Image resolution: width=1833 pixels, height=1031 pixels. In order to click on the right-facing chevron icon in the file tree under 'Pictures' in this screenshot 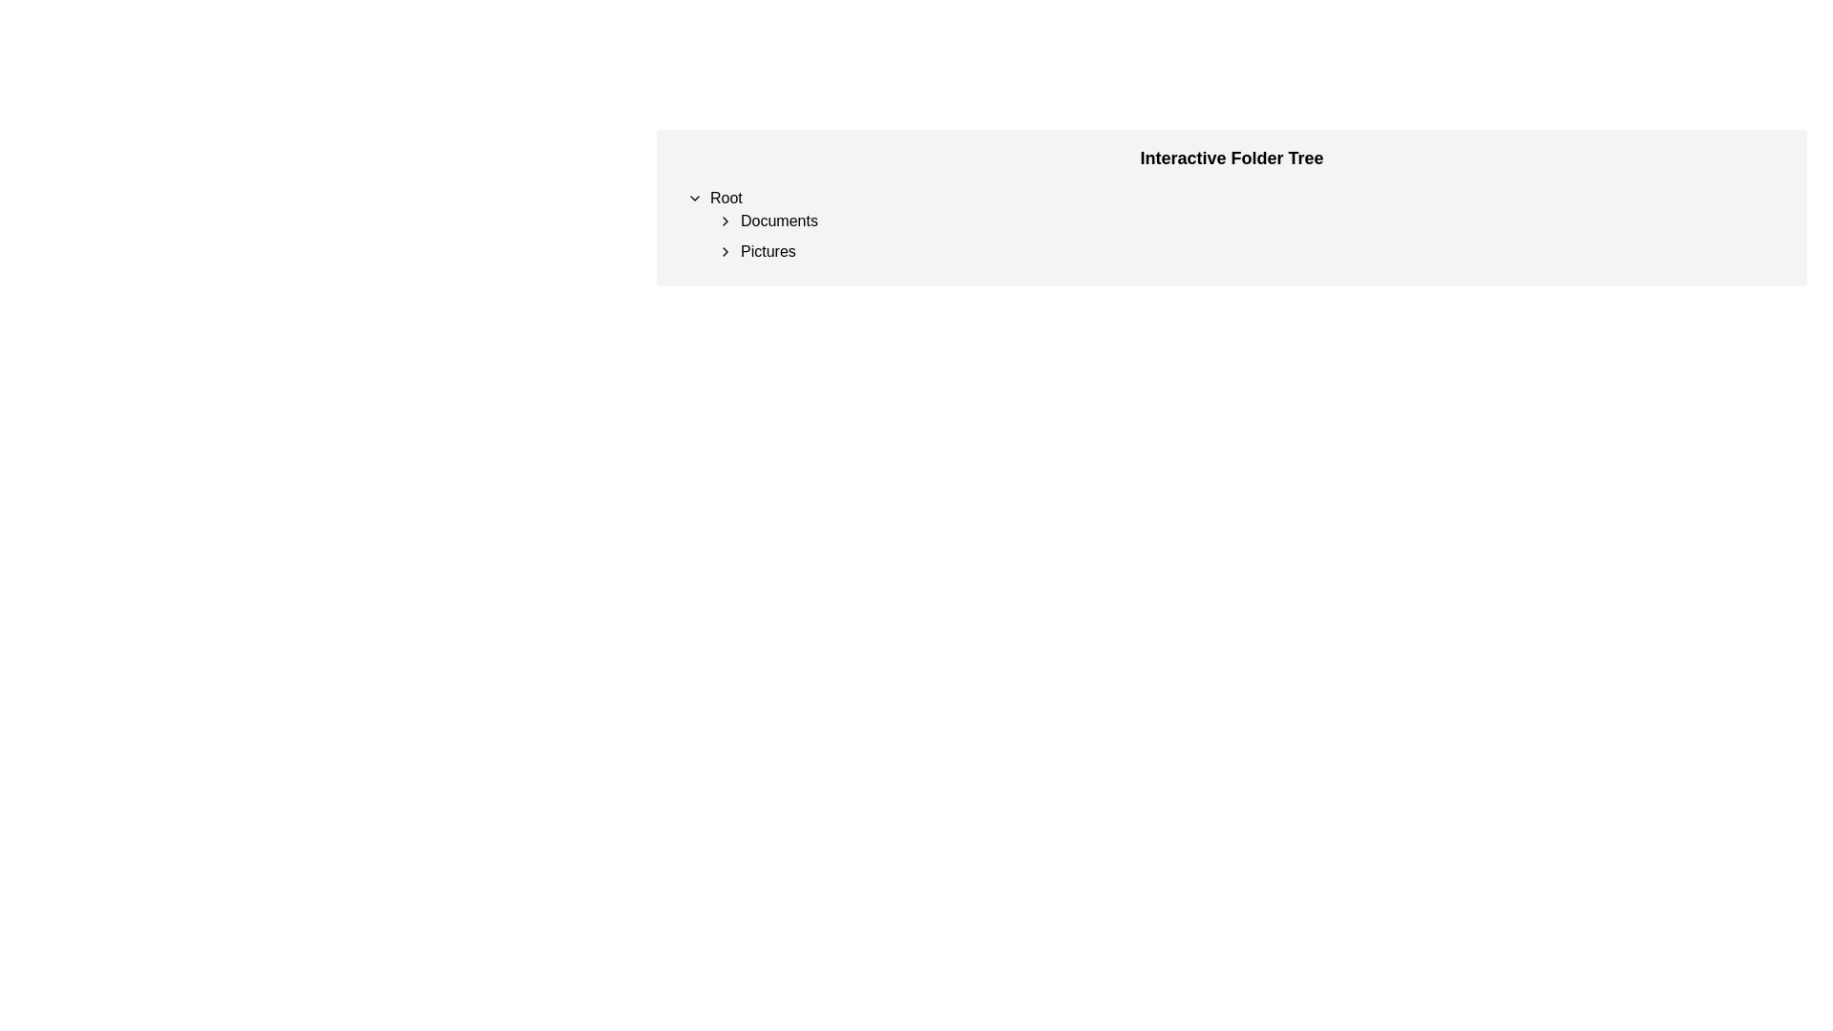, I will do `click(724, 250)`.